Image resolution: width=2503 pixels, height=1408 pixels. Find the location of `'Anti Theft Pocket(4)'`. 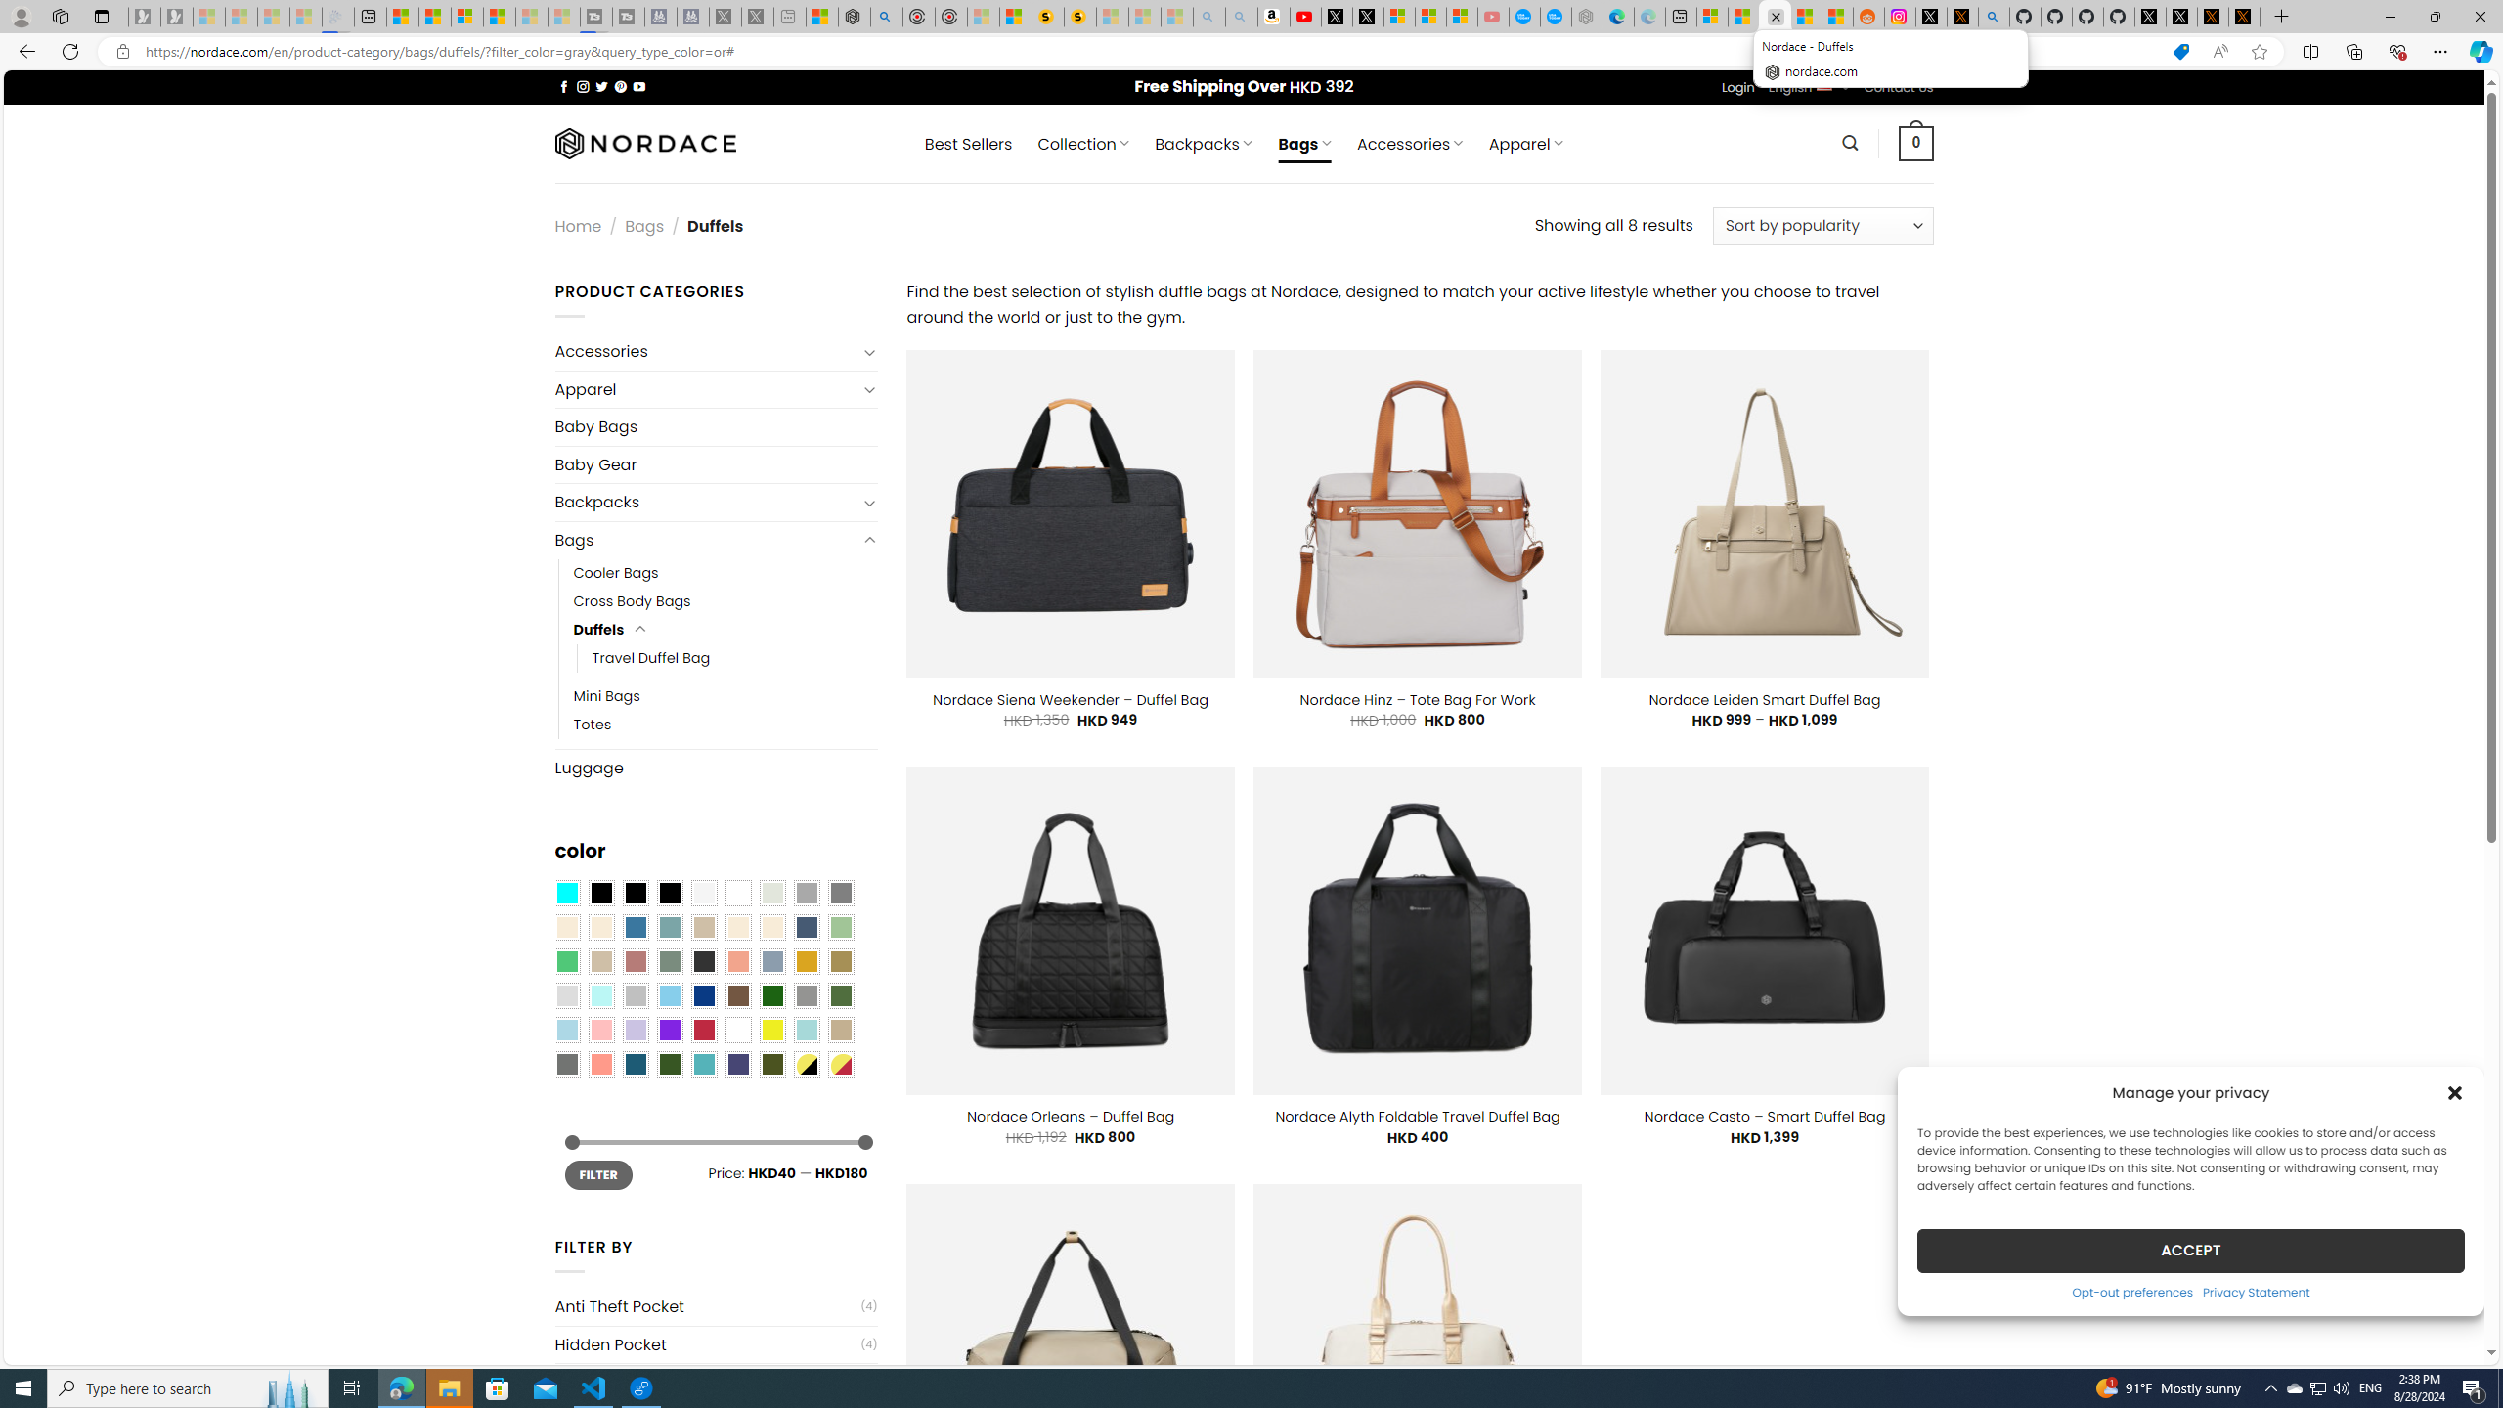

'Anti Theft Pocket(4)' is located at coordinates (715, 1306).